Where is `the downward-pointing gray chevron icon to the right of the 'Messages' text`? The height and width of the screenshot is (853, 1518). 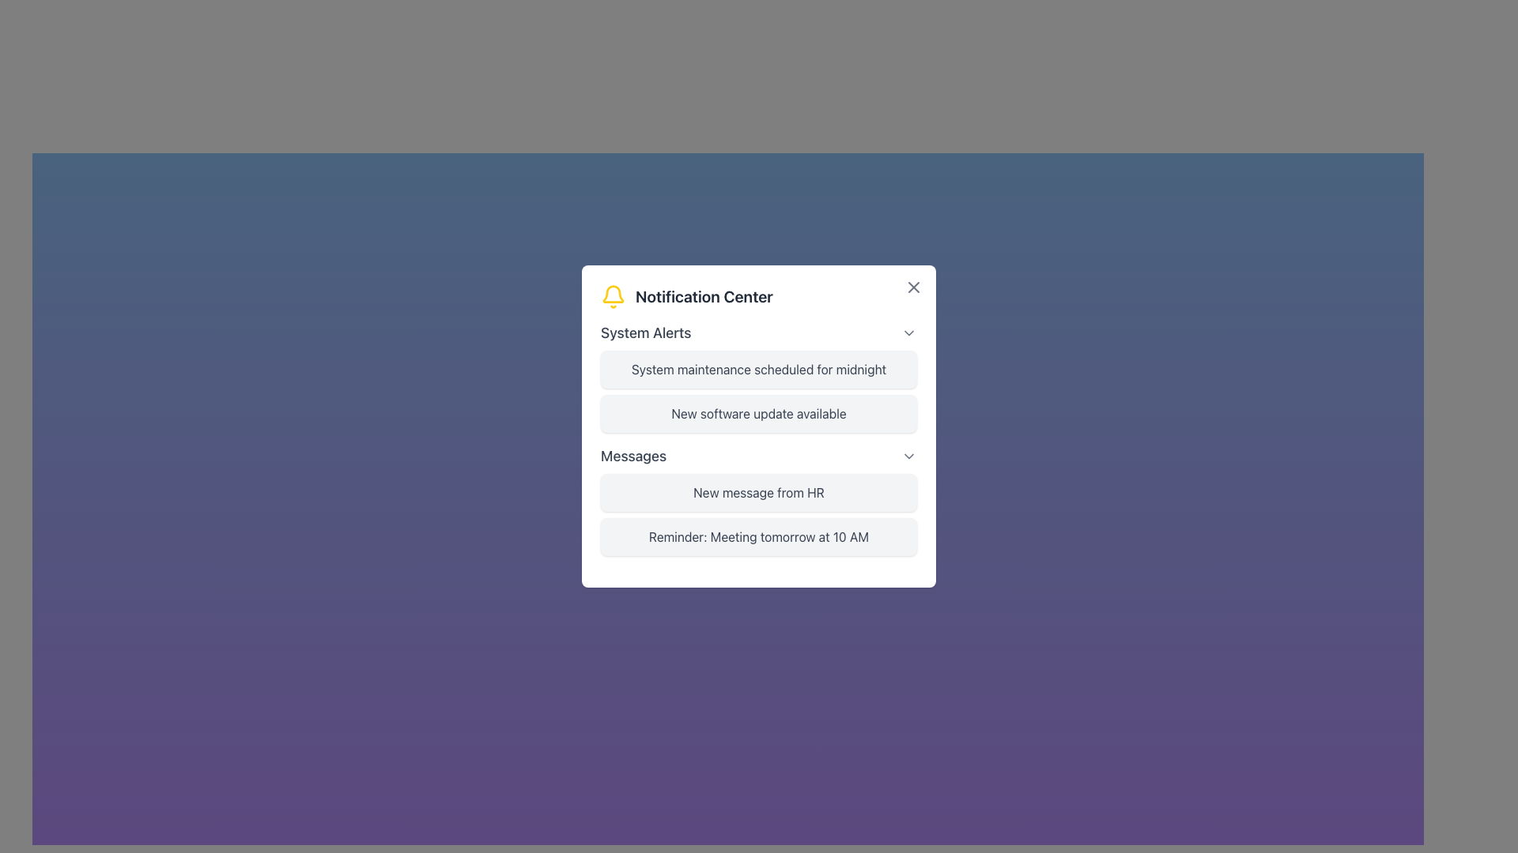 the downward-pointing gray chevron icon to the right of the 'Messages' text is located at coordinates (909, 457).